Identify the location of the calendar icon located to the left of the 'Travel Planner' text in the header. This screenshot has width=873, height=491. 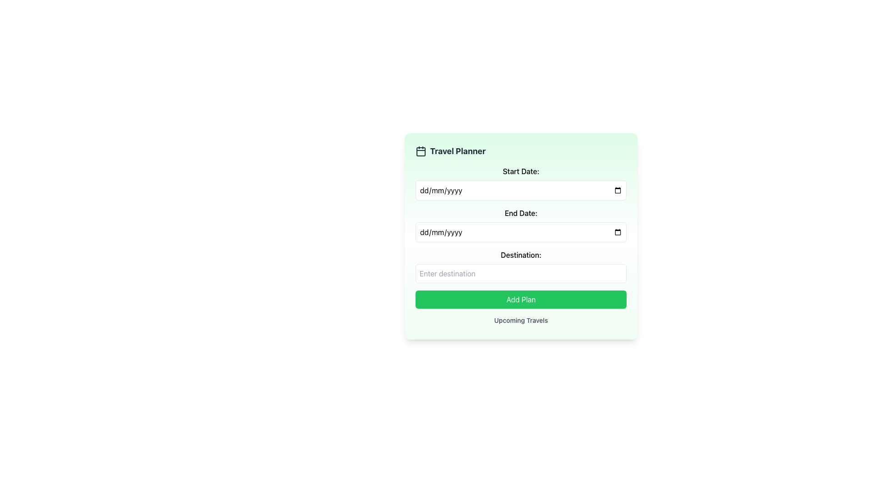
(421, 150).